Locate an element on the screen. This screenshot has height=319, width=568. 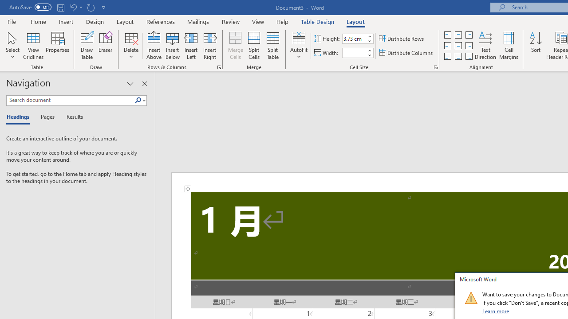
'Search document' is located at coordinates (70, 100).